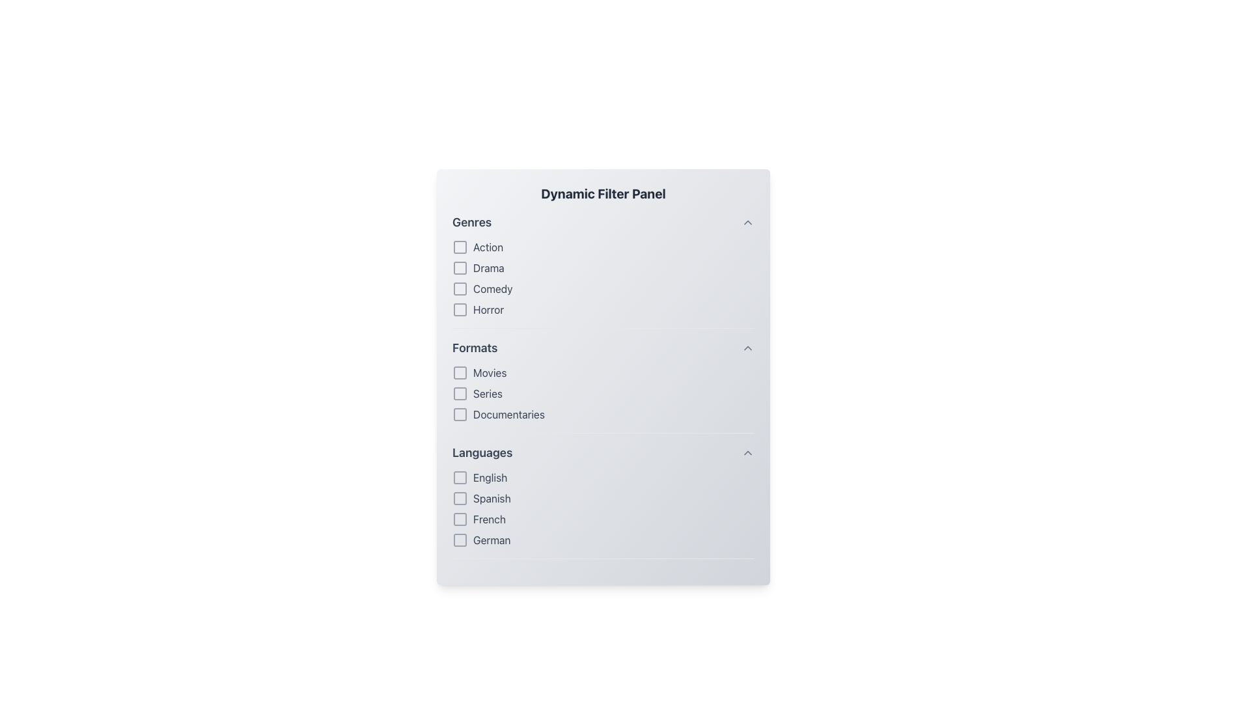  I want to click on the checkbox associated with the 'Spanish' text label, so click(491, 498).